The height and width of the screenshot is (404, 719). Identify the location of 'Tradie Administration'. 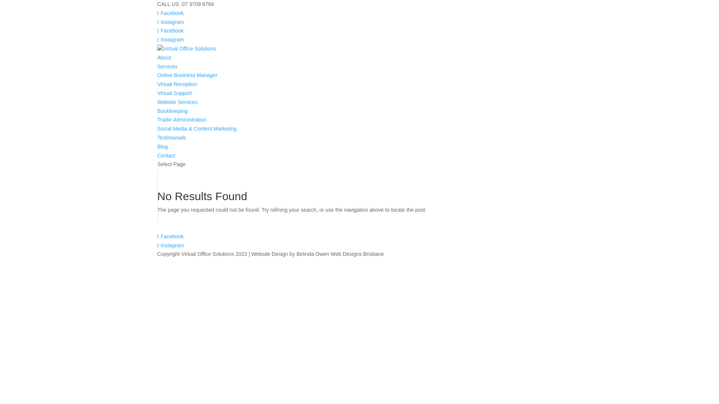
(157, 119).